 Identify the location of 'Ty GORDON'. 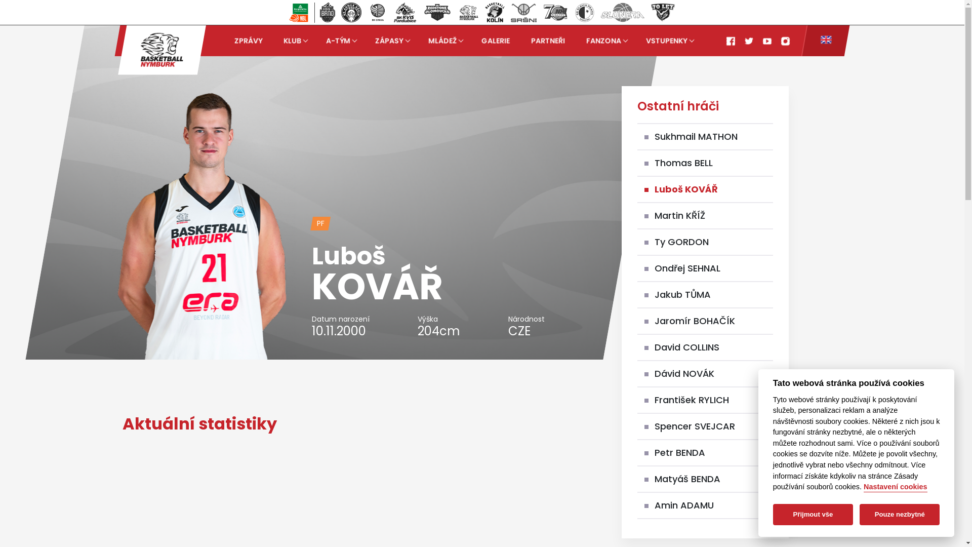
(681, 242).